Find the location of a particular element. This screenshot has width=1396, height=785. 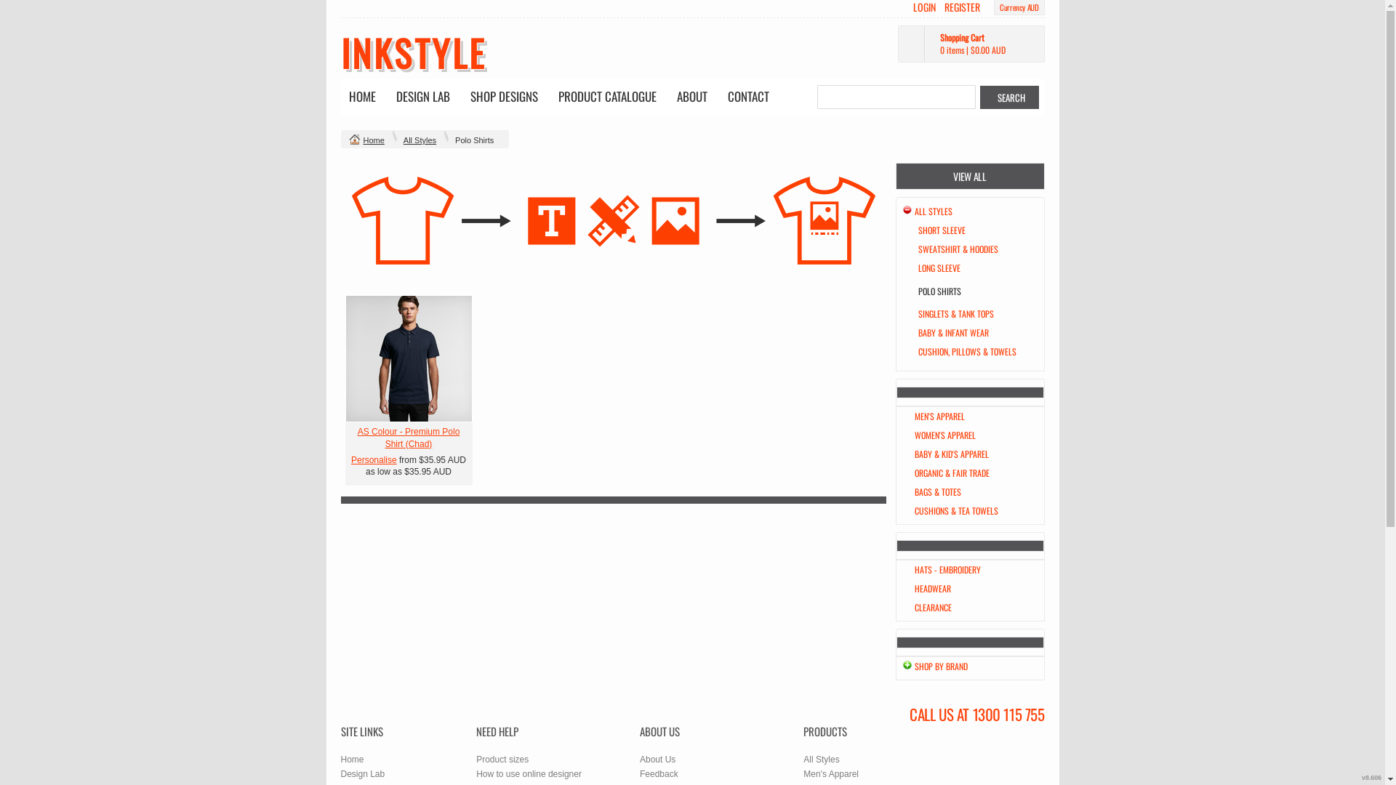

'ORGANIC & FAIR TRADE' is located at coordinates (913, 472).